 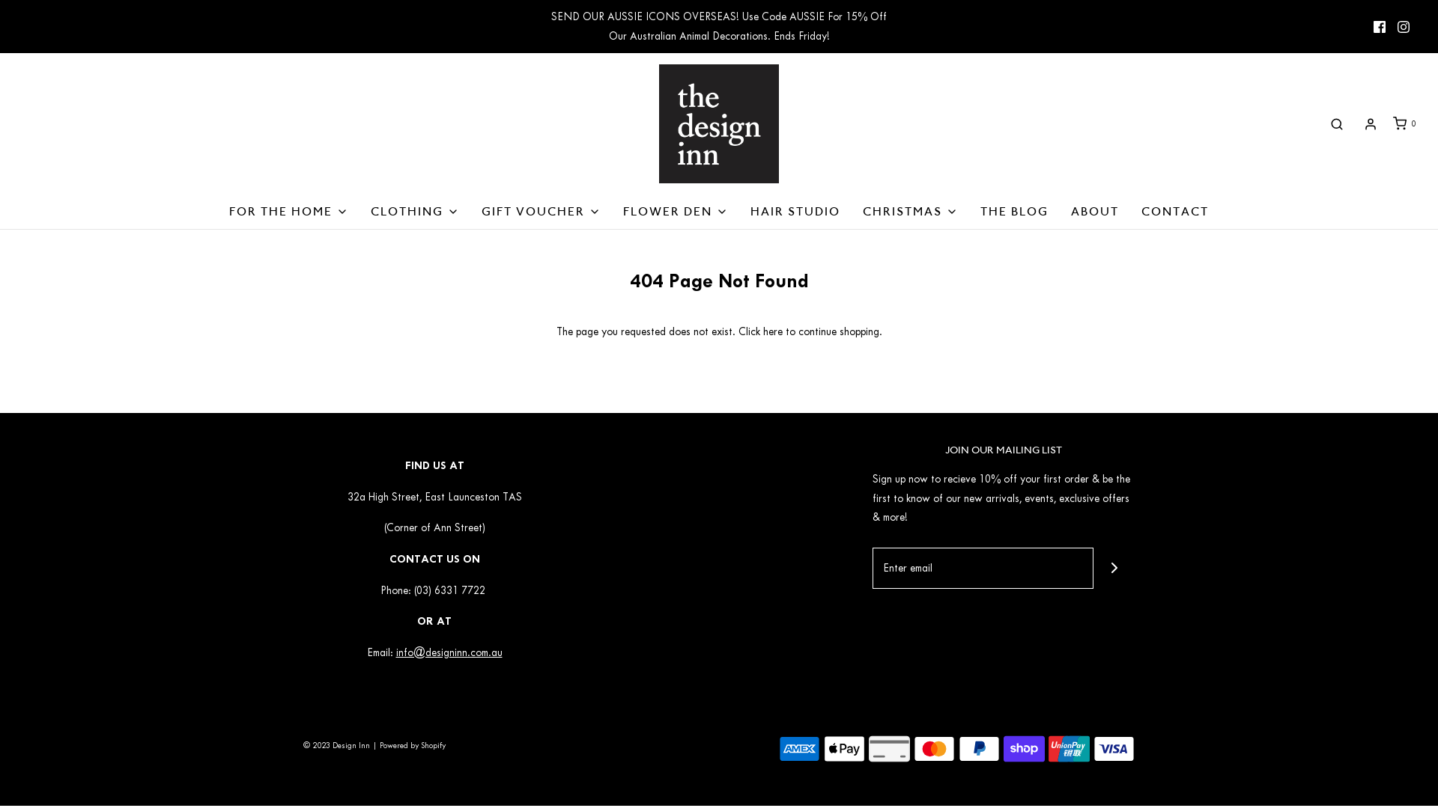 I want to click on 'CHRISTMAS', so click(x=909, y=211).